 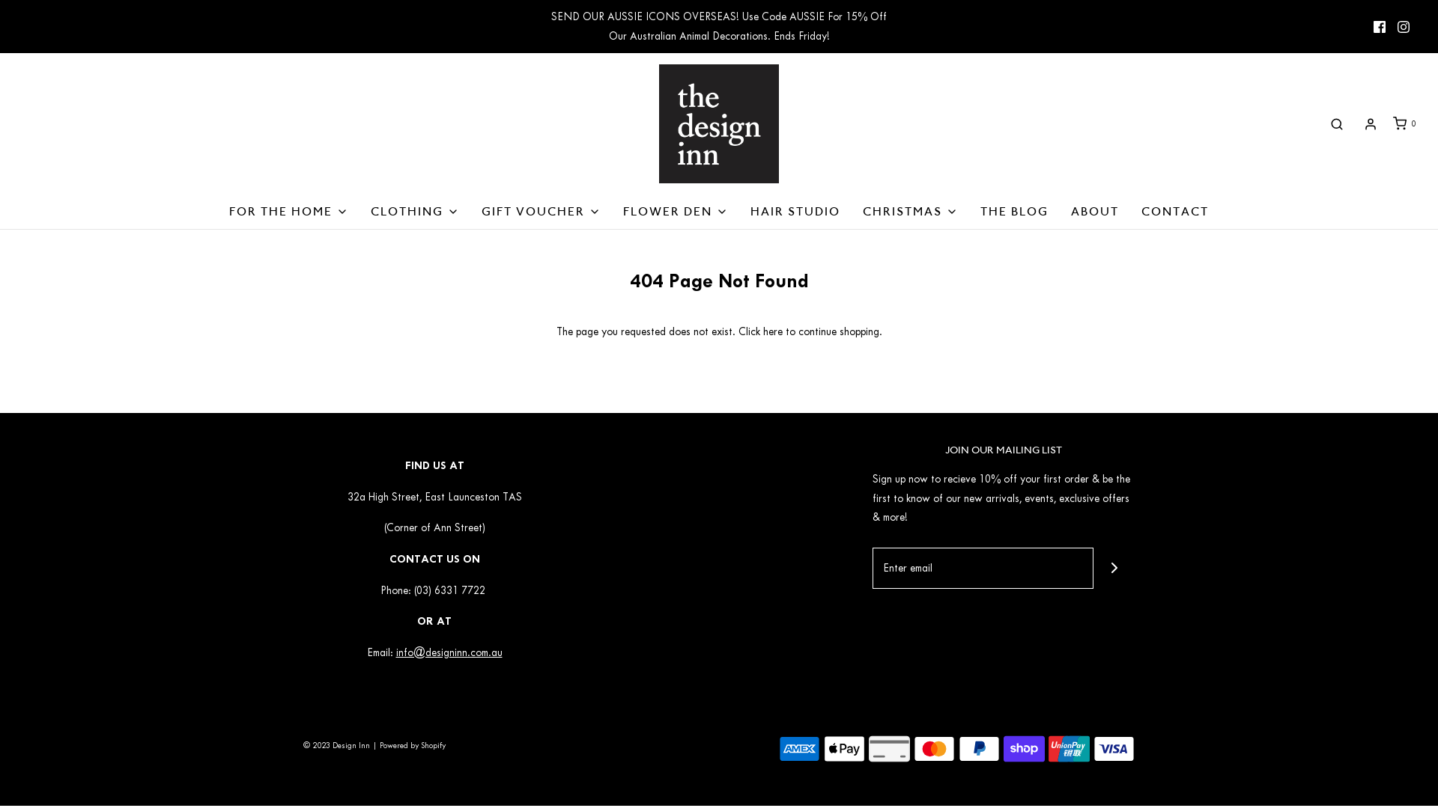 I want to click on 'CHRISTMAS', so click(x=909, y=211).